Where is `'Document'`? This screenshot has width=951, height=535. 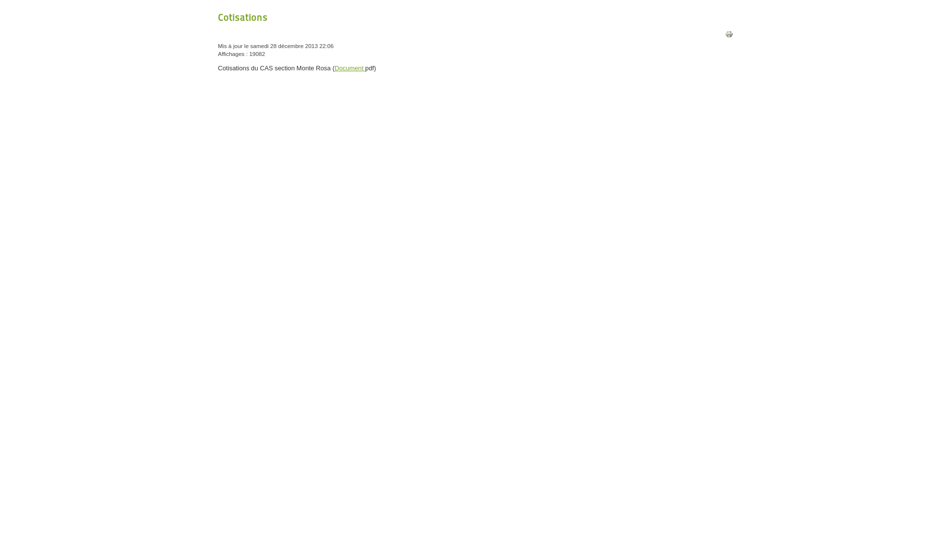
'Document' is located at coordinates (349, 67).